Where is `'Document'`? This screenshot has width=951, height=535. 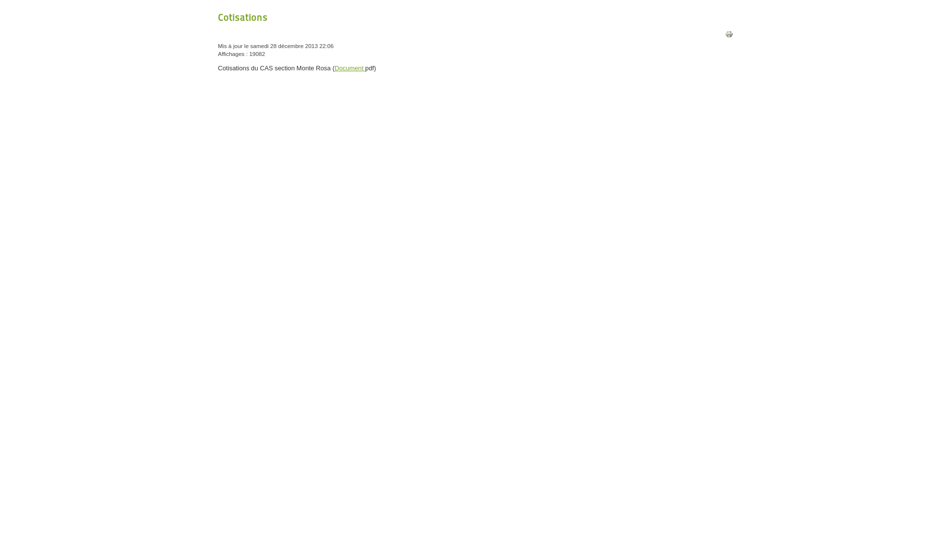
'Document' is located at coordinates (349, 67).